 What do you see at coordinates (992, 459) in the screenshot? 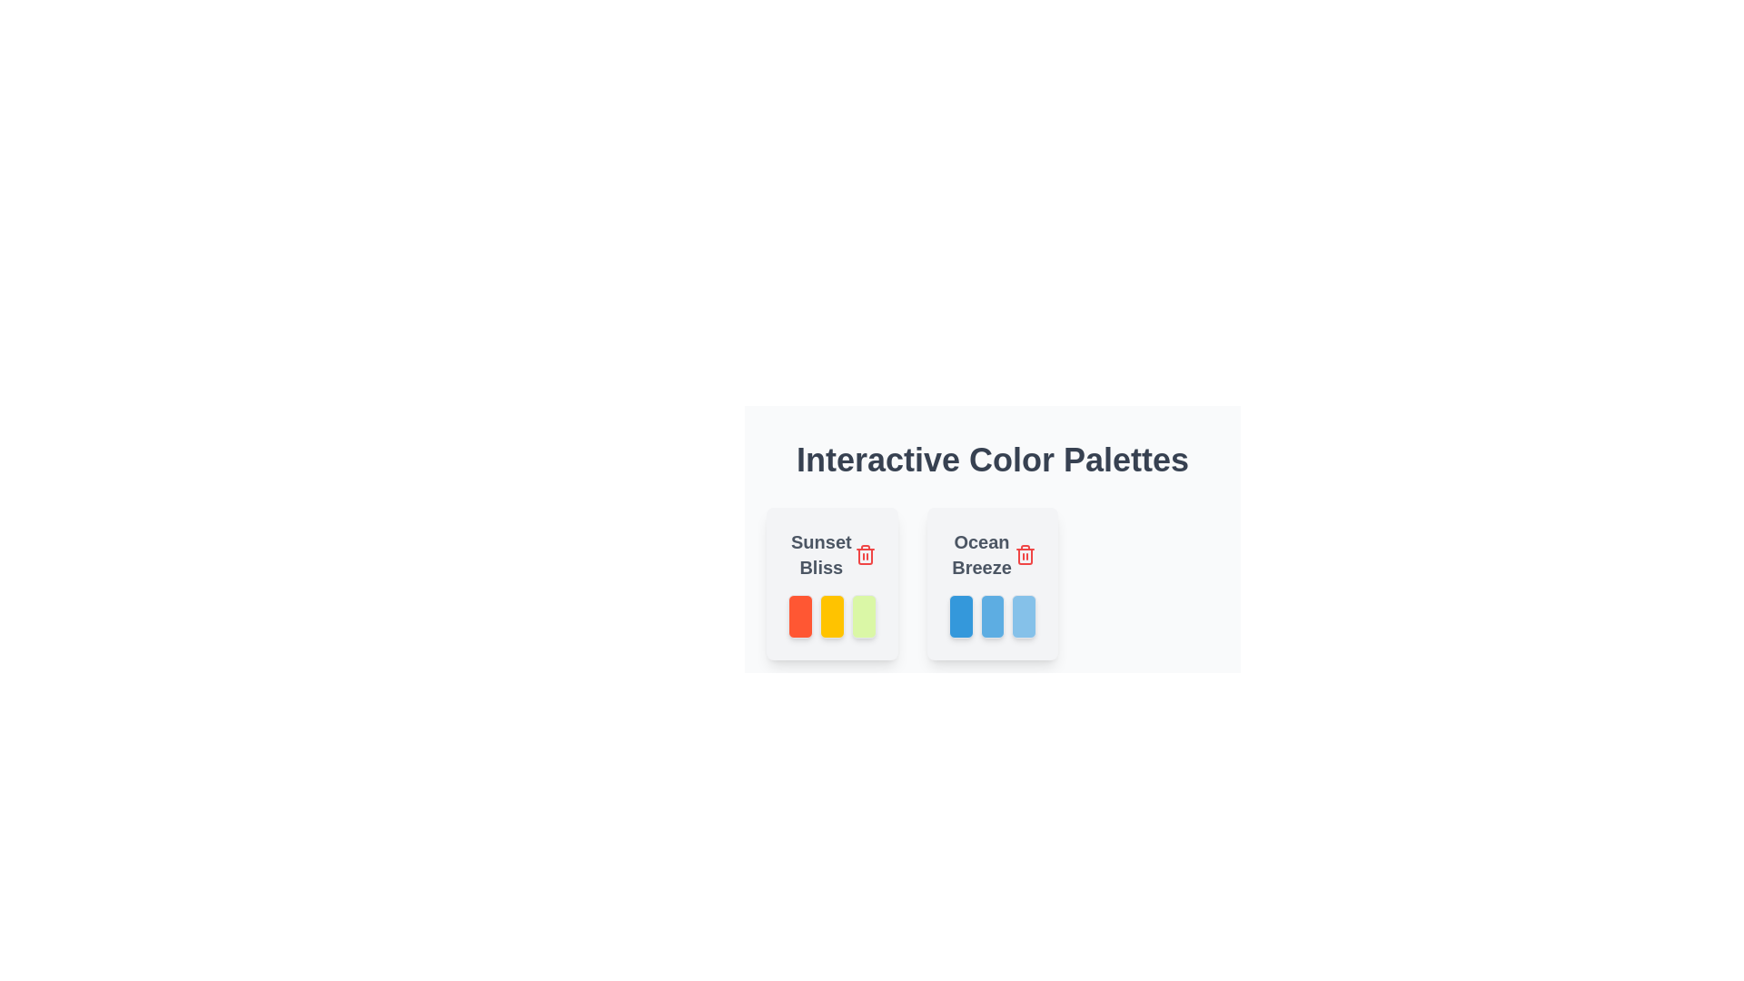
I see `the title text element that represents the color palettes section, located centrally at the top of the section, above the 'Sunset Bliss' and 'Ocean Breeze' color palette cards` at bounding box center [992, 459].